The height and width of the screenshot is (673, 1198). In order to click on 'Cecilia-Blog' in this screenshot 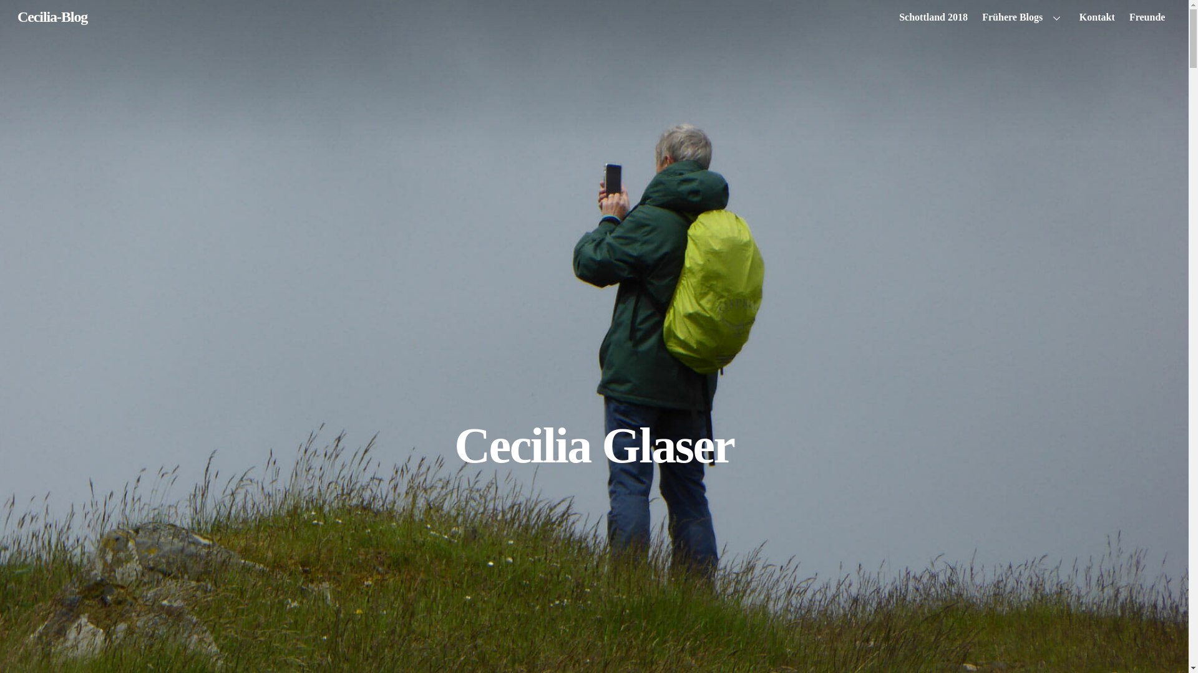, I will do `click(52, 17)`.